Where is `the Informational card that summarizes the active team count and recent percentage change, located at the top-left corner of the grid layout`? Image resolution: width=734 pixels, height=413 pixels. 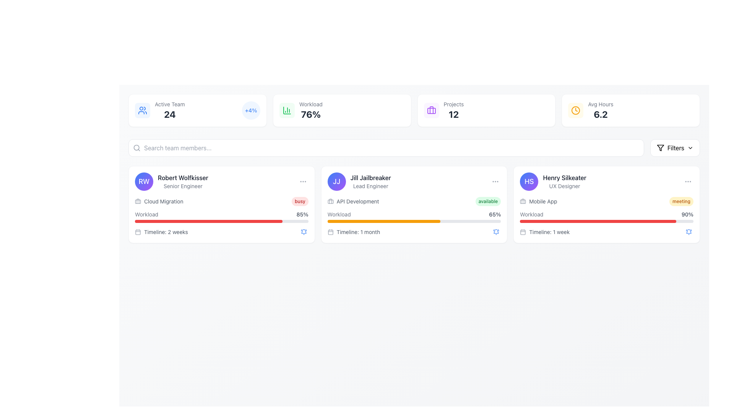 the Informational card that summarizes the active team count and recent percentage change, located at the top-left corner of the grid layout is located at coordinates (197, 111).